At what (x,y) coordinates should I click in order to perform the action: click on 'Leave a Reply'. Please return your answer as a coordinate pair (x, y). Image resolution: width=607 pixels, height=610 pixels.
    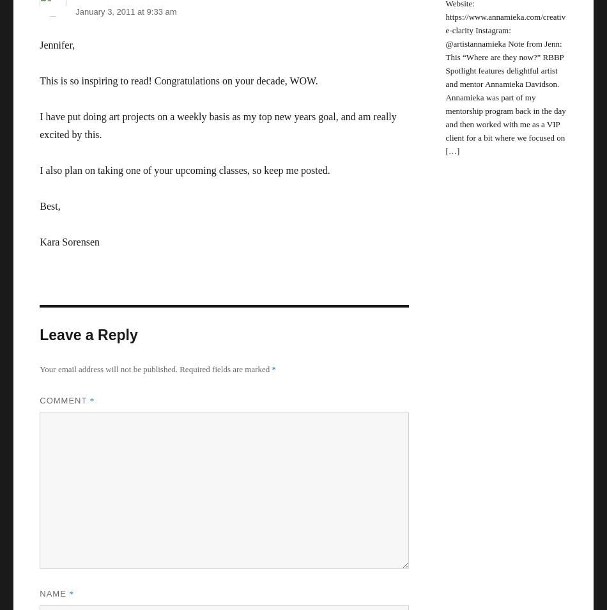
    Looking at the image, I should click on (40, 334).